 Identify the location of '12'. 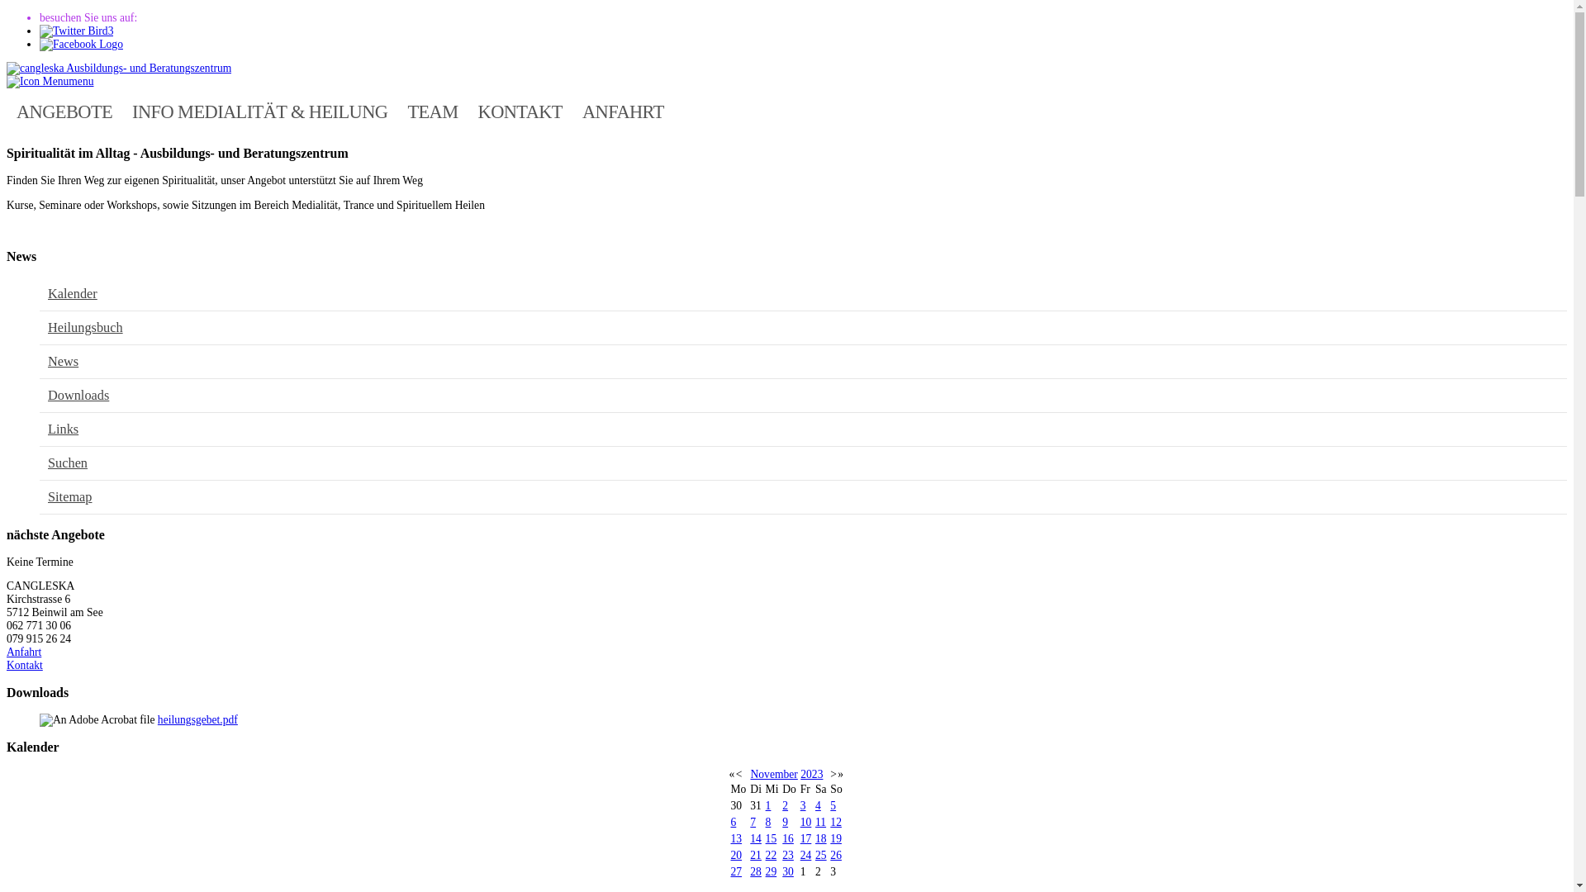
(836, 822).